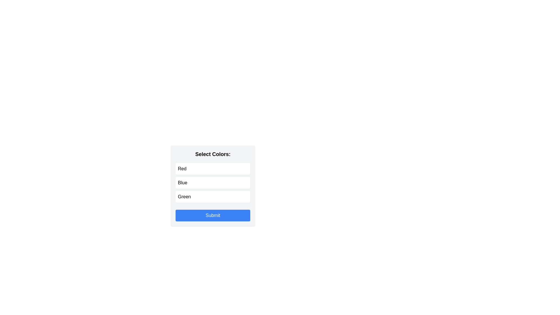  Describe the element at coordinates (184, 197) in the screenshot. I see `the 'Green' text label in the color selection interface, which is positioned below the 'Blue' element and above the 'Submit' button` at that location.